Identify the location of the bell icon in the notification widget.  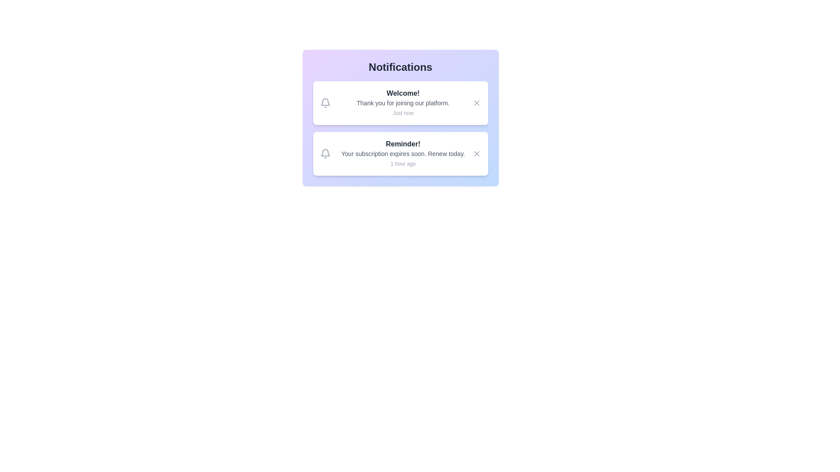
(325, 102).